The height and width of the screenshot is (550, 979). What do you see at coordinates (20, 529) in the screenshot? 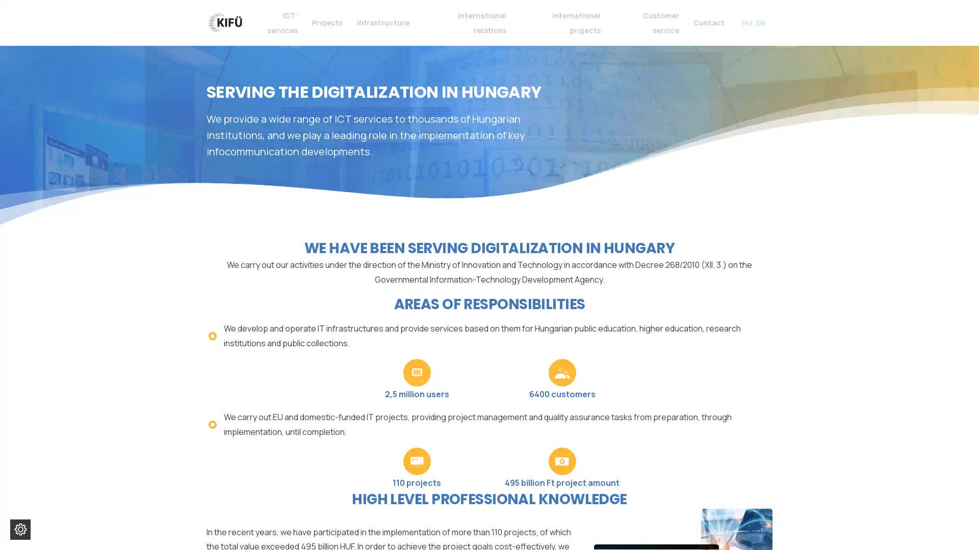
I see `Change cookie settings` at bounding box center [20, 529].